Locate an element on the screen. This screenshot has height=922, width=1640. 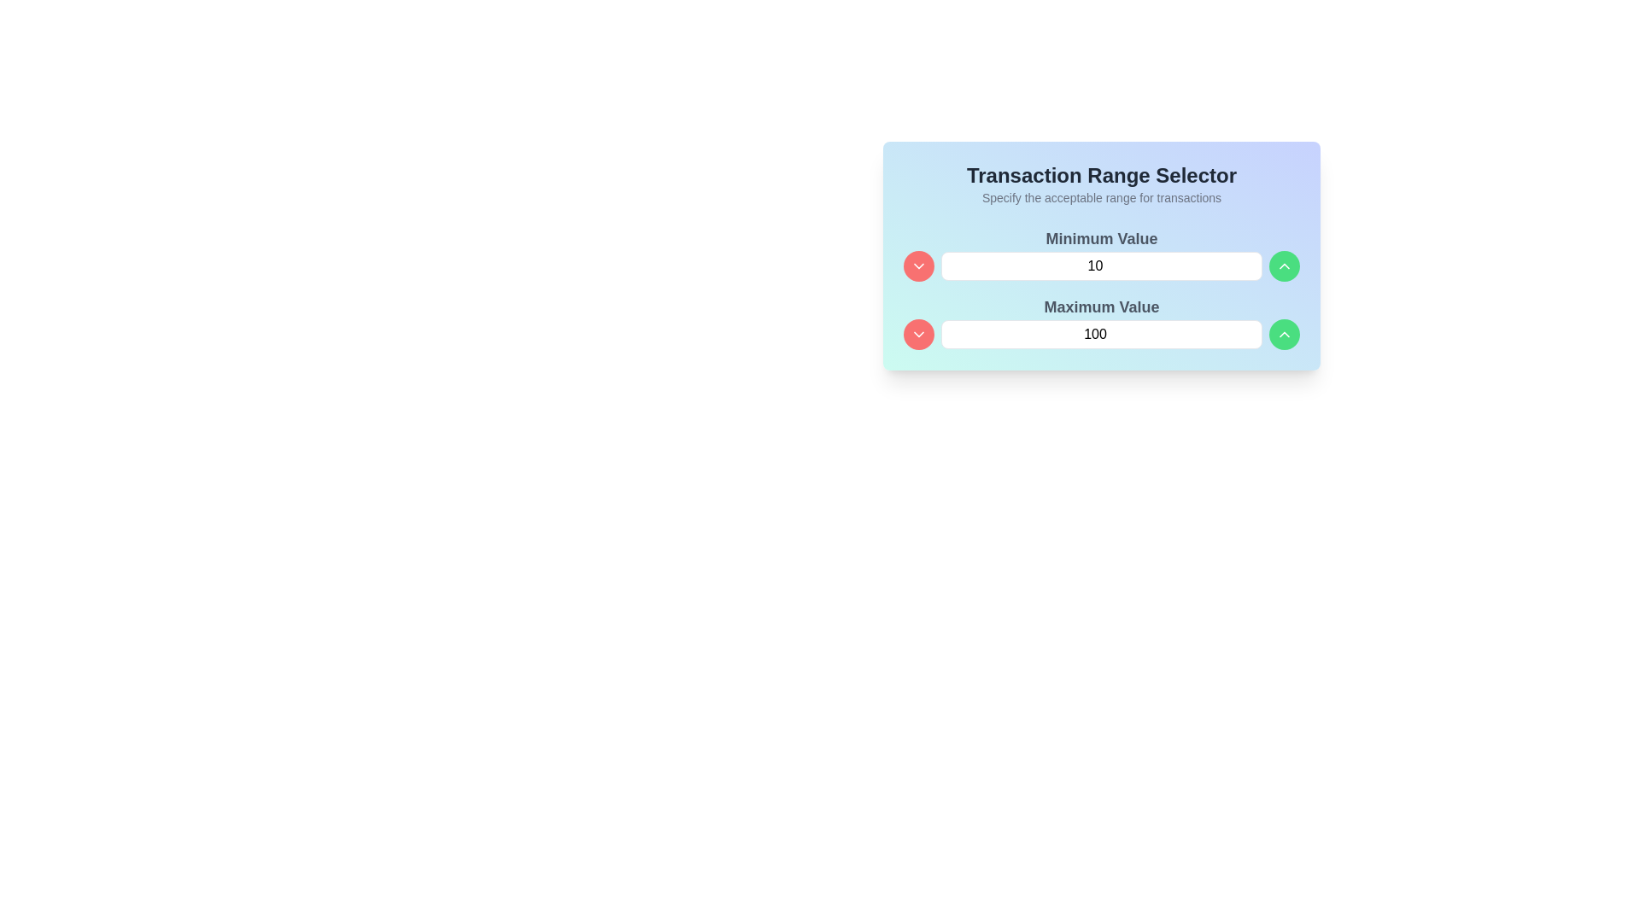
the upward chevron icon located within the circular button below the 'Maximum Value' text input field to interact with it is located at coordinates (1284, 266).